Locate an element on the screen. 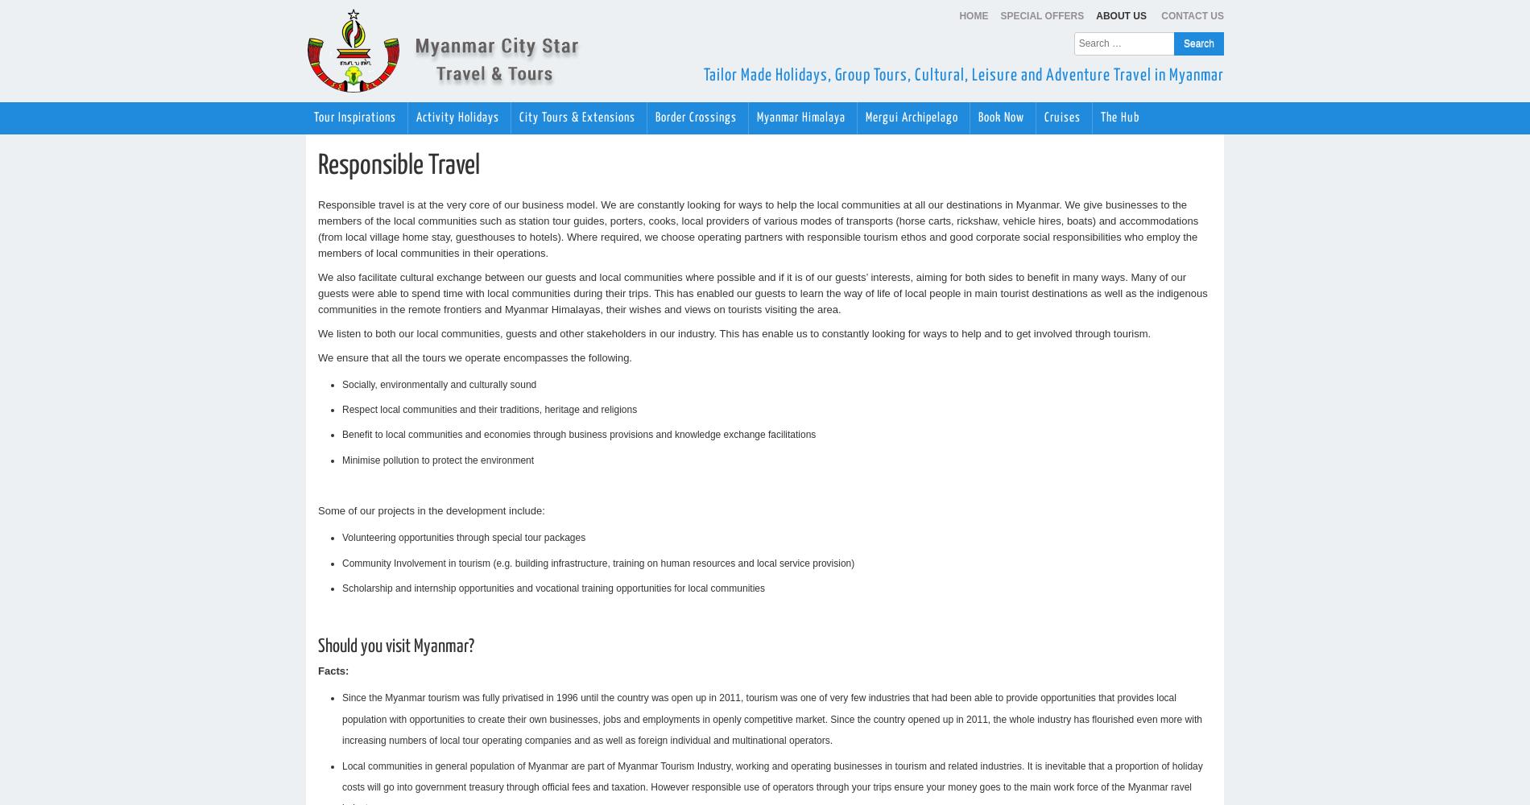 The height and width of the screenshot is (805, 1530). 'Tailor Made Holidays, Group Tours, Cultural, Leisure and Adventure Travel in Myanmar' is located at coordinates (963, 75).